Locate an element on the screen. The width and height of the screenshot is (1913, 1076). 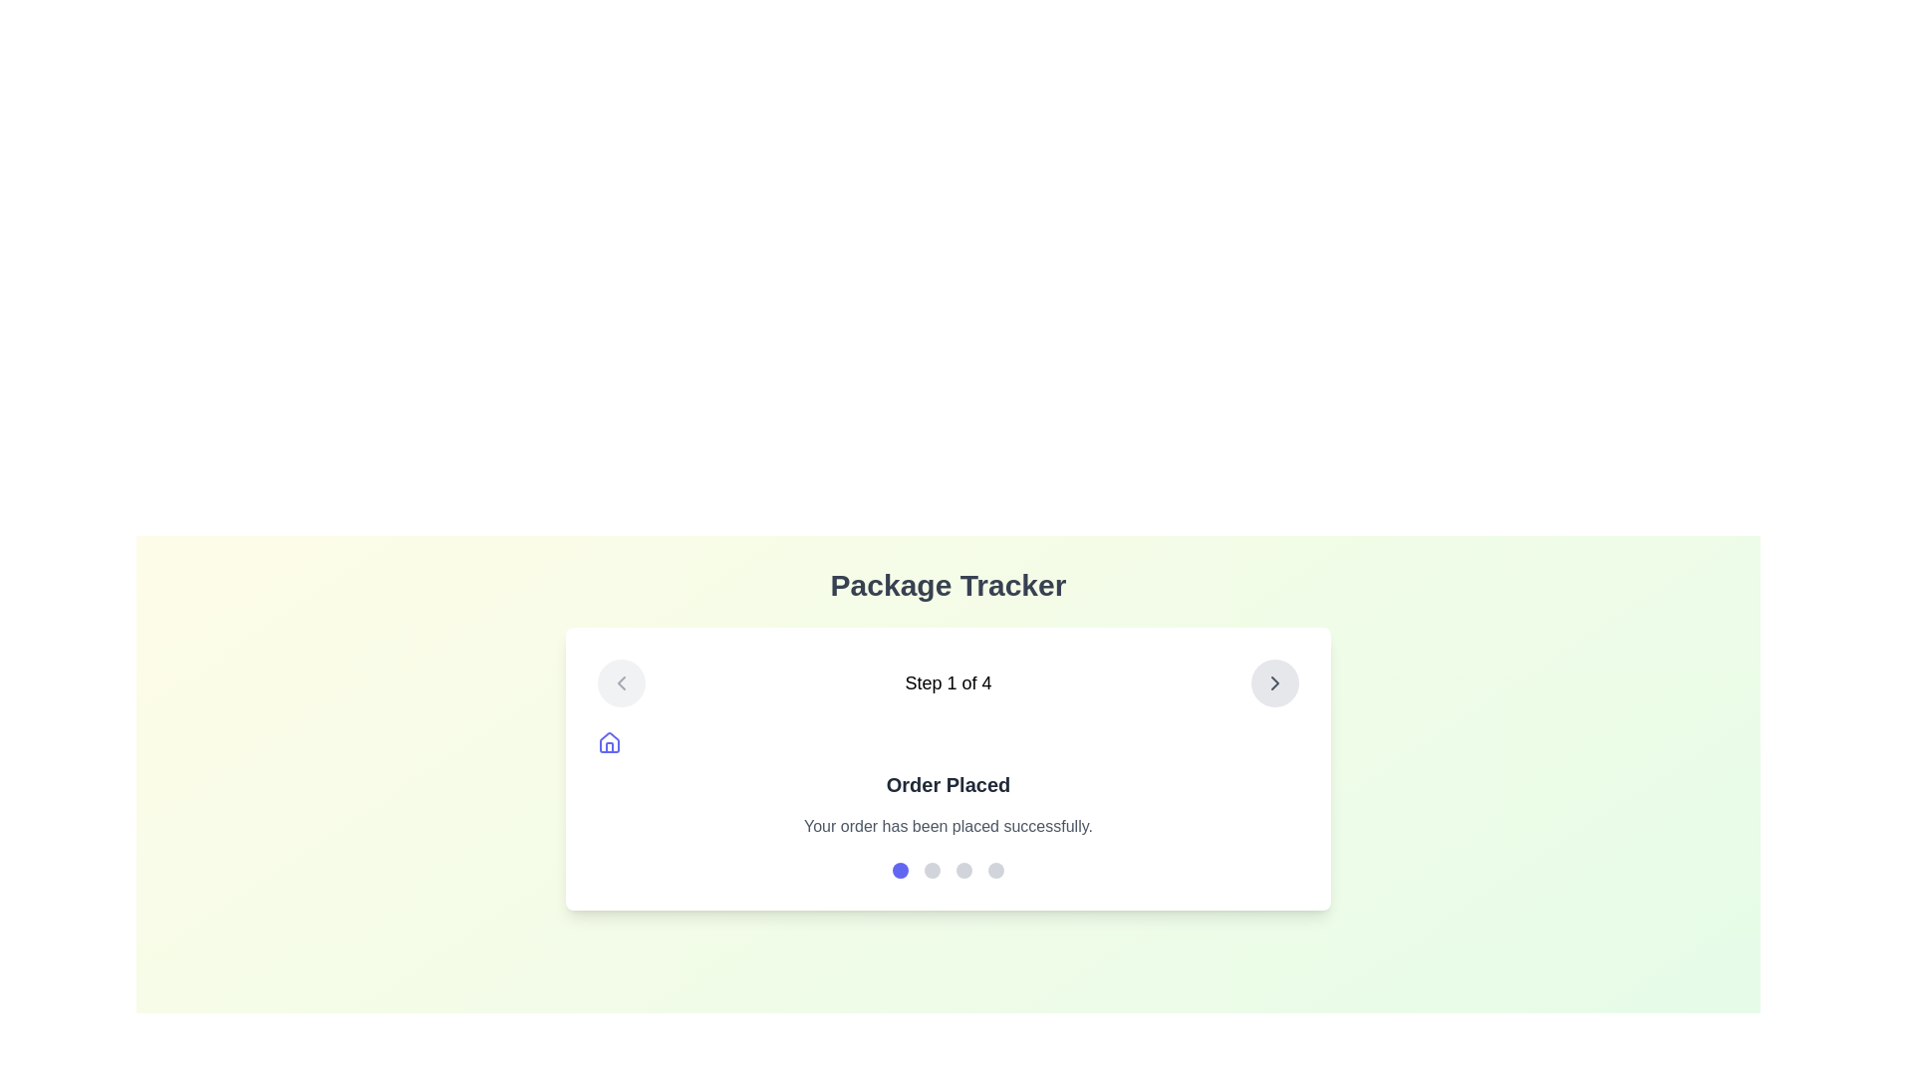
the chevron icon embedded in the circular button at the top-left corner of the main content box labeled 'Step 1 of 4' is located at coordinates (621, 682).